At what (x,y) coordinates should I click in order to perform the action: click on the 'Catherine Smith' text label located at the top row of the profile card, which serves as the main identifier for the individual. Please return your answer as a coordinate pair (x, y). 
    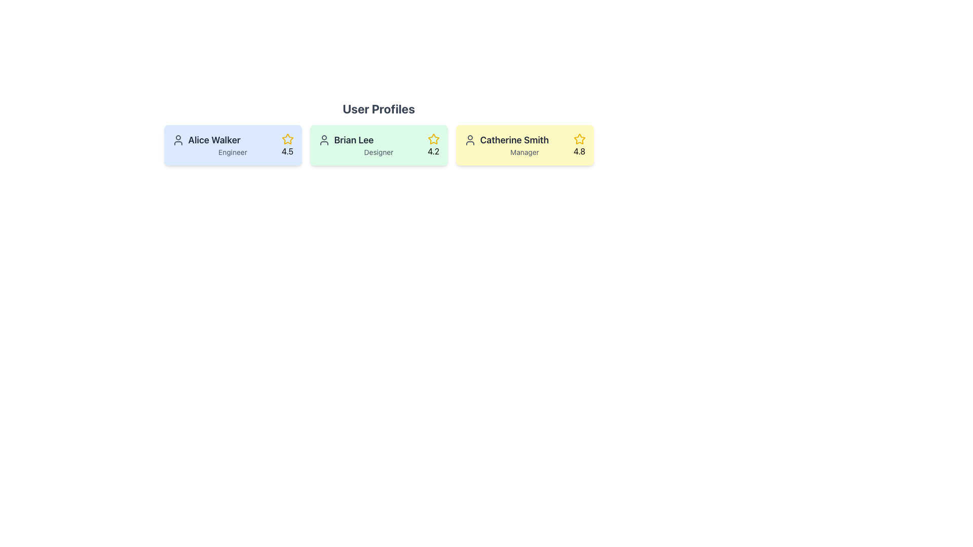
    Looking at the image, I should click on (525, 140).